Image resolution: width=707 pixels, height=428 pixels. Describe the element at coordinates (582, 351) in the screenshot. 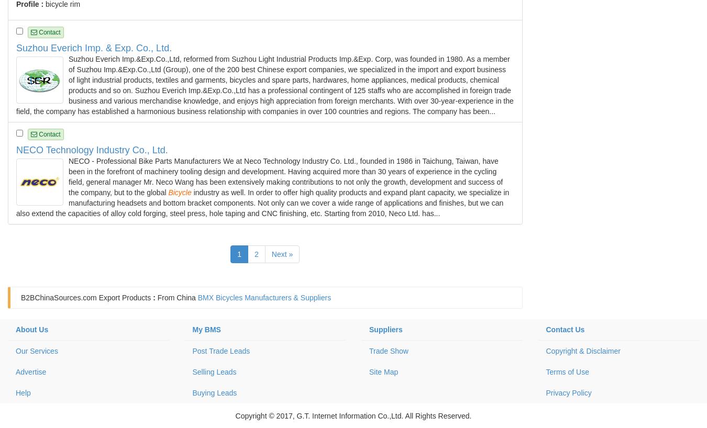

I see `'Copyright & Disclaimer'` at that location.